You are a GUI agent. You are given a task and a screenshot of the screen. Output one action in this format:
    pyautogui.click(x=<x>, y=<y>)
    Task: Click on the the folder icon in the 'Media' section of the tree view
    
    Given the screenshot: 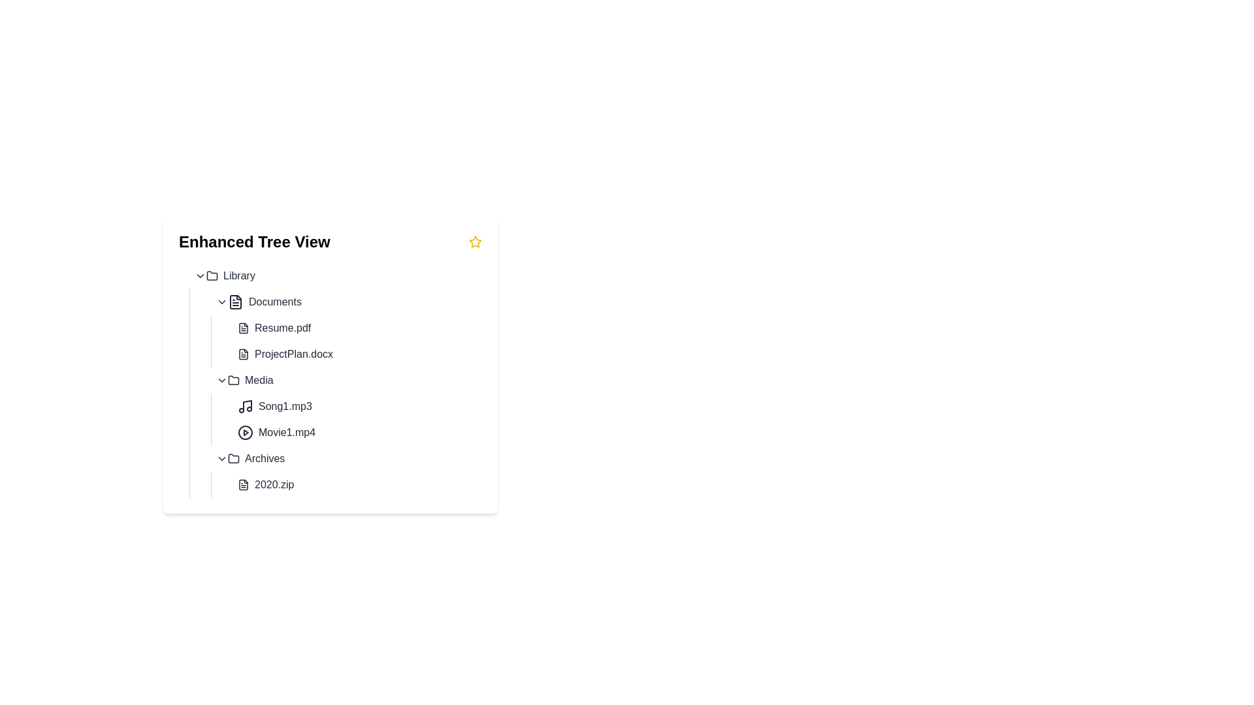 What is the action you would take?
    pyautogui.click(x=234, y=380)
    